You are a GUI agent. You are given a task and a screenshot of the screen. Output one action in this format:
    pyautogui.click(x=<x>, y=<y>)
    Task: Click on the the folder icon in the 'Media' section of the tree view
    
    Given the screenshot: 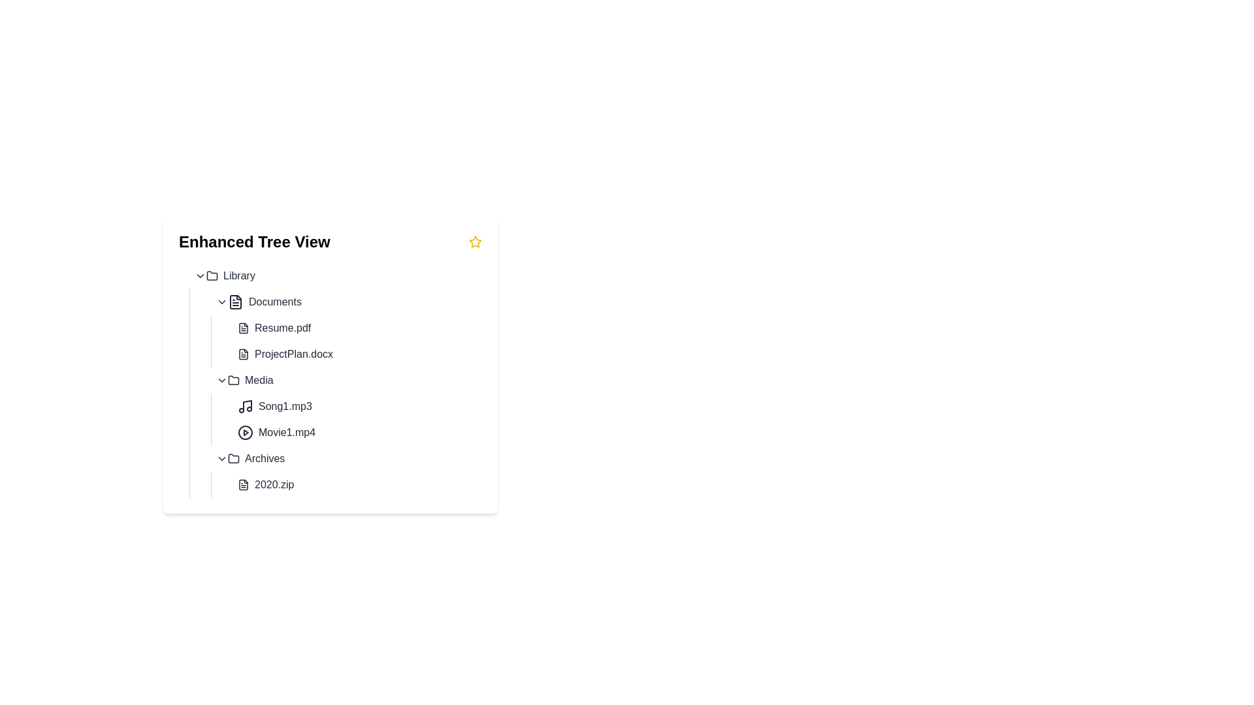 What is the action you would take?
    pyautogui.click(x=234, y=380)
    